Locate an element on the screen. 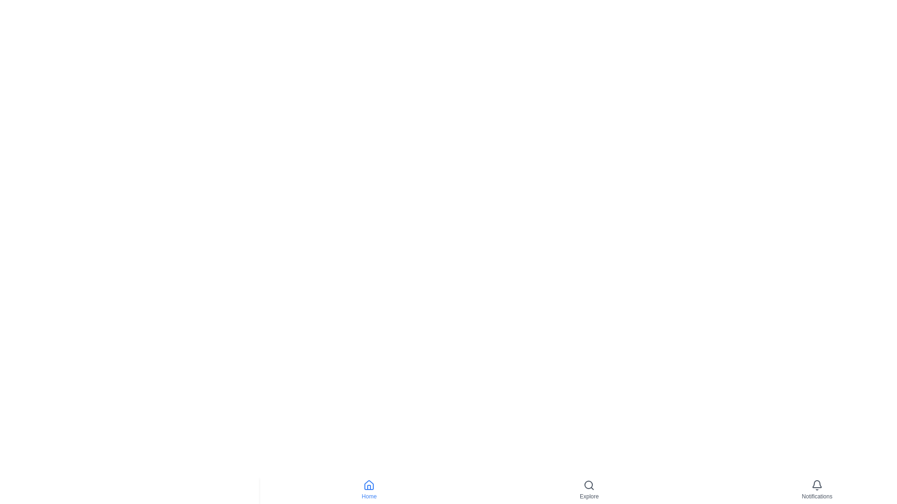 This screenshot has height=504, width=897. the 'Notifications' text label located at the bottom-right corner of the interface, beneath the bell icon is located at coordinates (816, 496).